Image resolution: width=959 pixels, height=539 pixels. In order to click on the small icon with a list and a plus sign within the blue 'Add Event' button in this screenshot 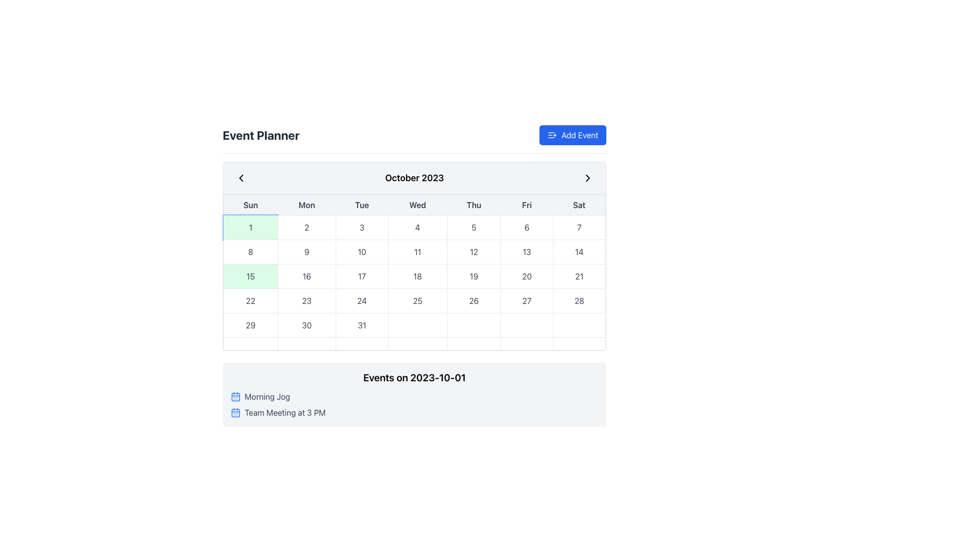, I will do `click(552, 135)`.